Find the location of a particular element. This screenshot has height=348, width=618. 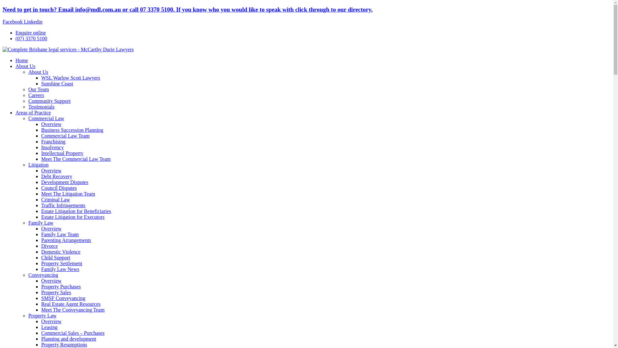

'Property Sales' is located at coordinates (41, 292).